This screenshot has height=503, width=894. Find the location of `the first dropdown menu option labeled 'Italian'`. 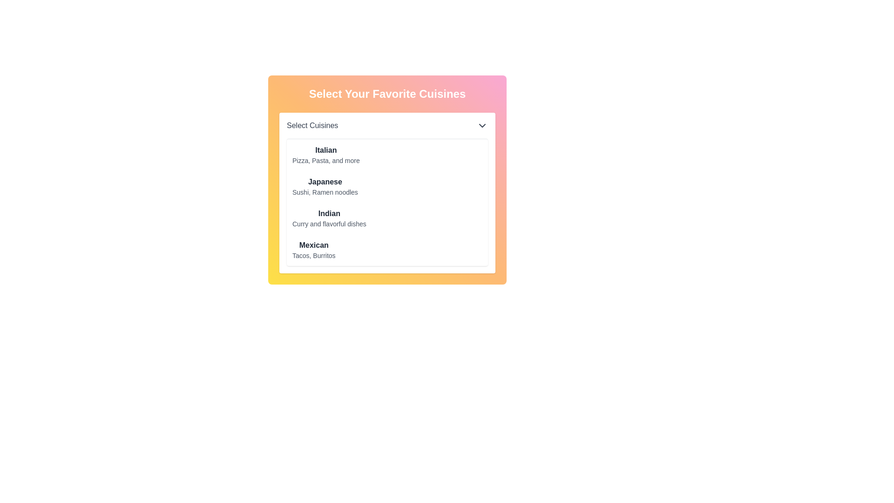

the first dropdown menu option labeled 'Italian' is located at coordinates (326, 154).